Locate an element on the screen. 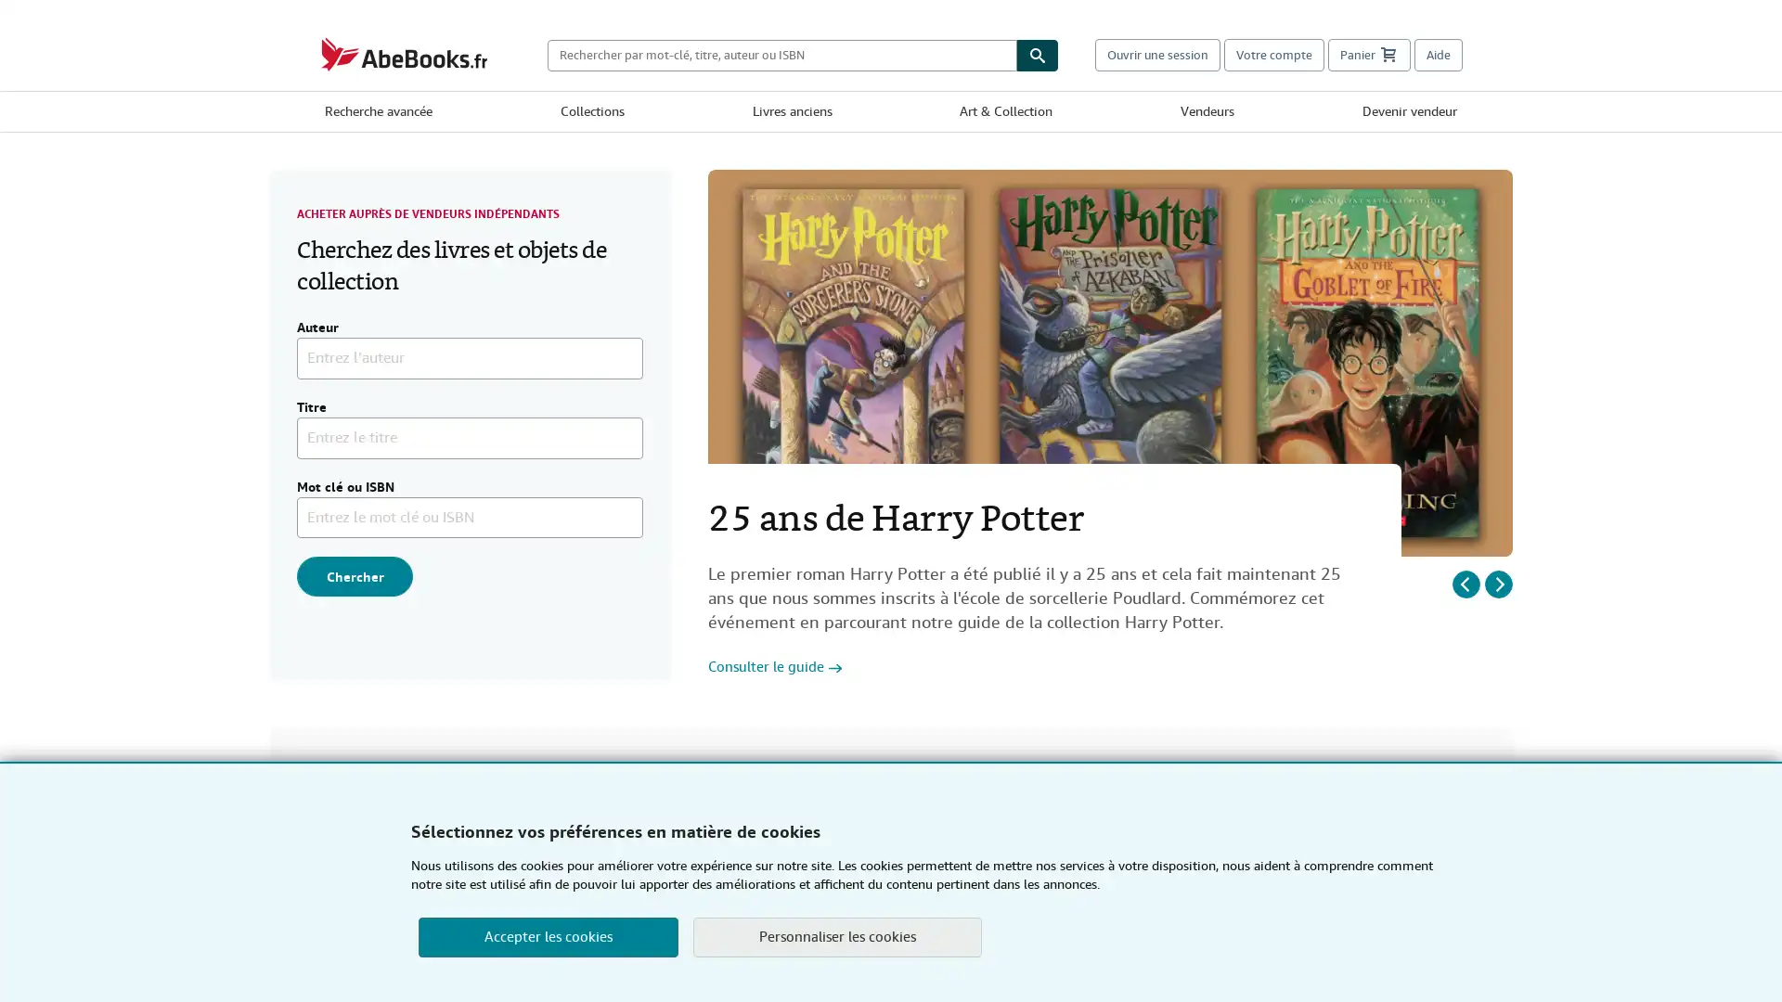 The height and width of the screenshot is (1002, 1782). Accepter les cookies is located at coordinates (547, 937).